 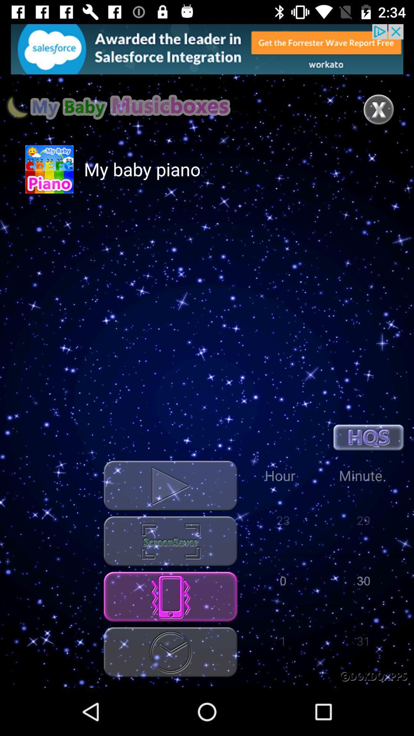 I want to click on open advertisements, so click(x=207, y=49).